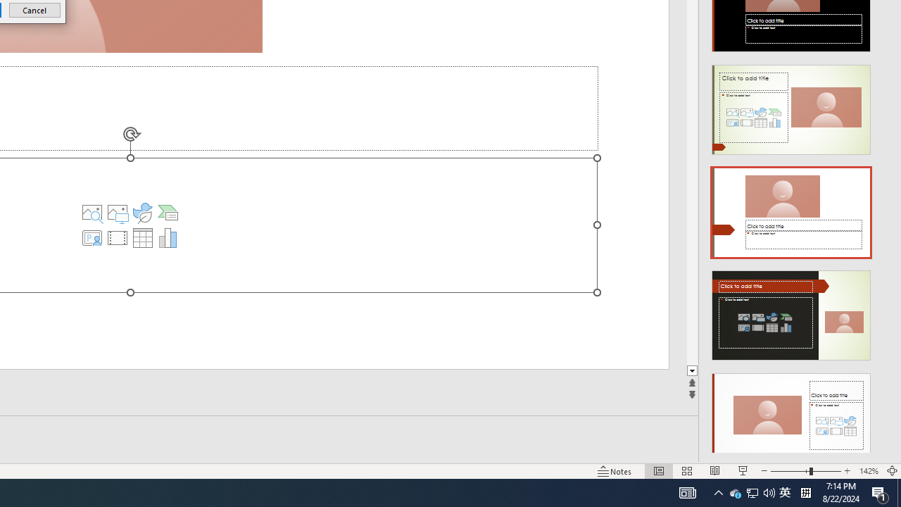 The height and width of the screenshot is (507, 901). Describe the element at coordinates (868, 471) in the screenshot. I see `'Zoom 142%'` at that location.